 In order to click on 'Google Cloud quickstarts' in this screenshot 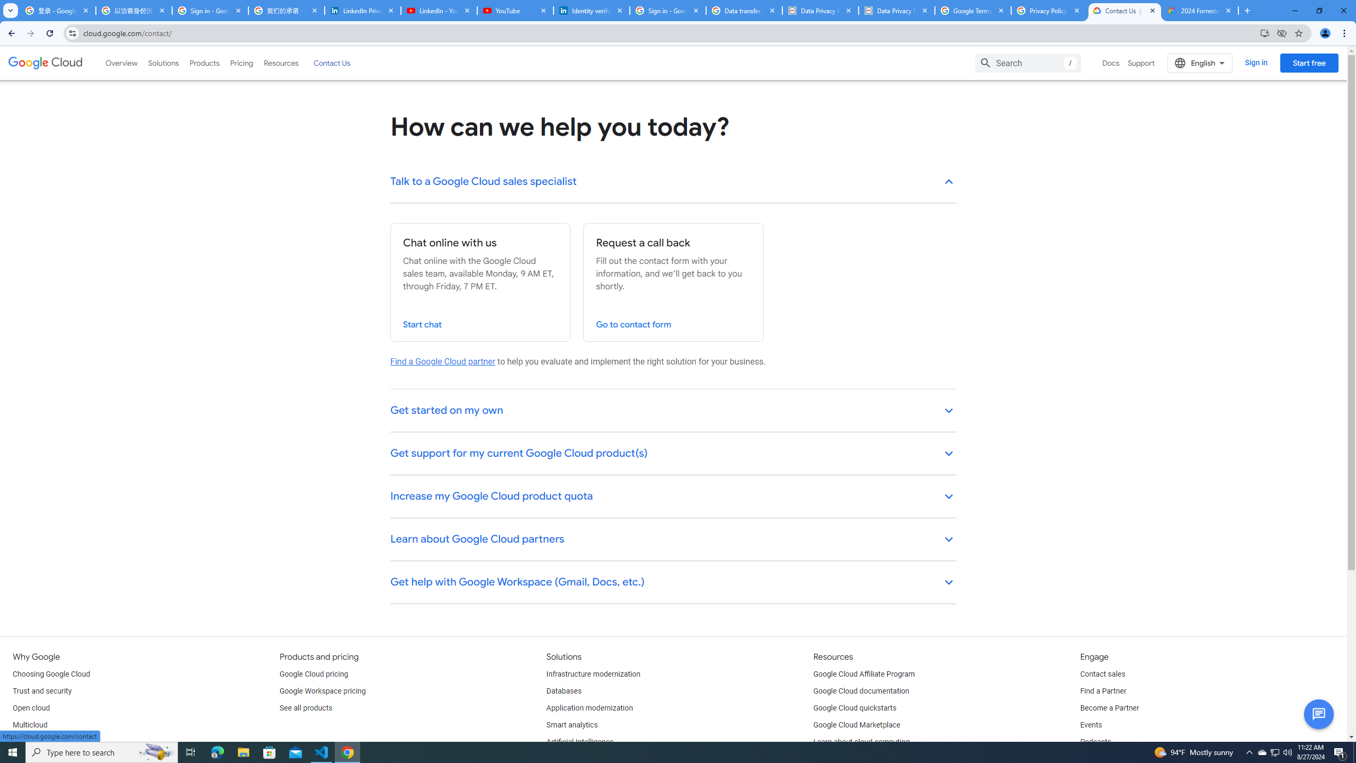, I will do `click(855, 708)`.